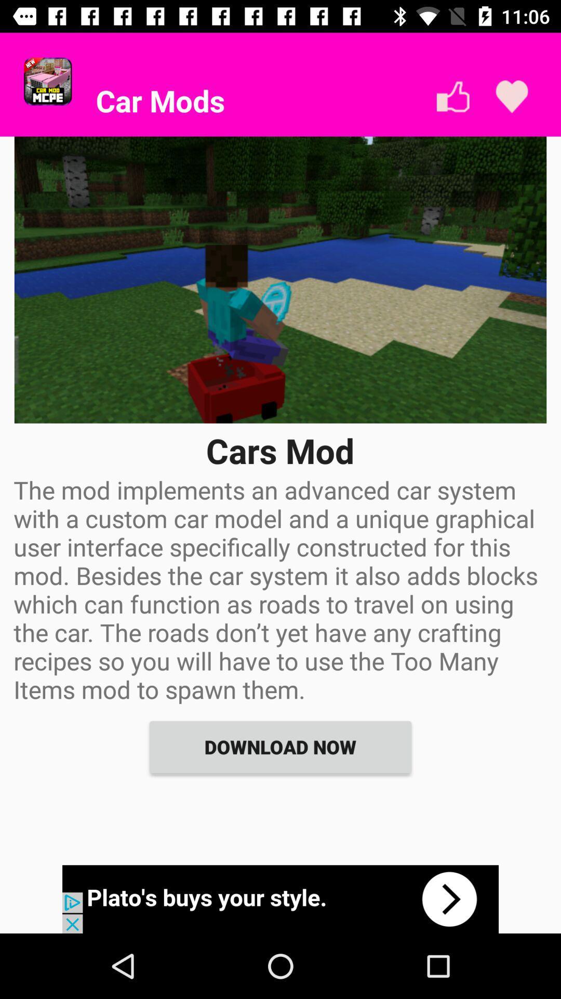  I want to click on the favorite icon, so click(511, 97).